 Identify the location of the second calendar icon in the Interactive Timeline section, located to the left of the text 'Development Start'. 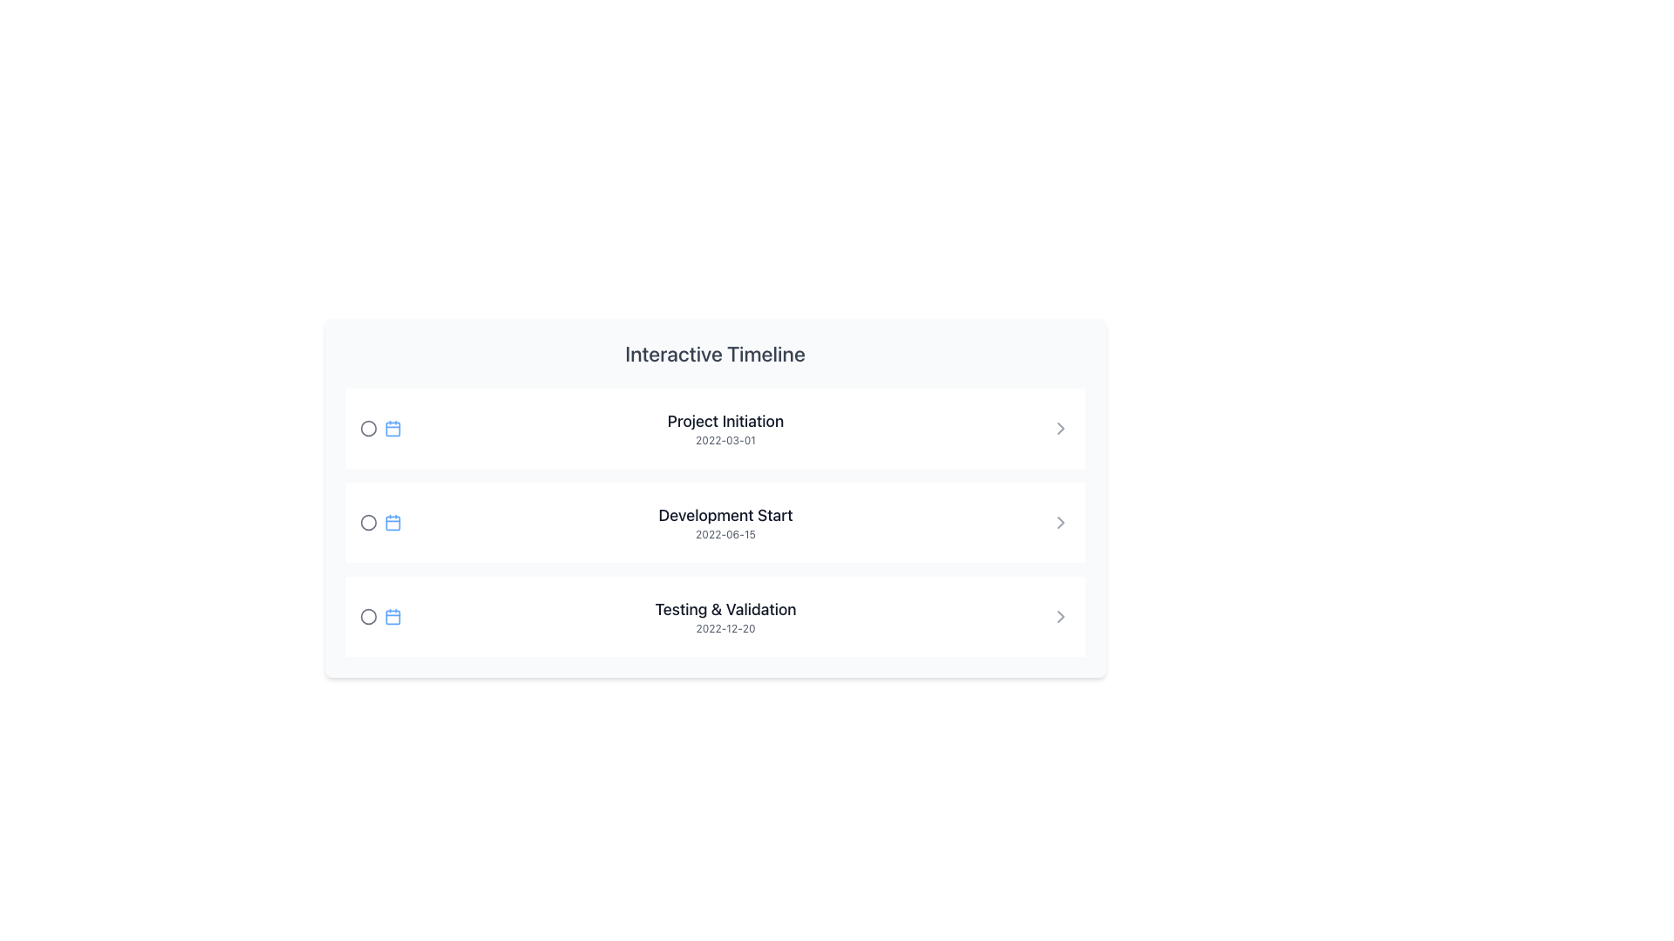
(391, 522).